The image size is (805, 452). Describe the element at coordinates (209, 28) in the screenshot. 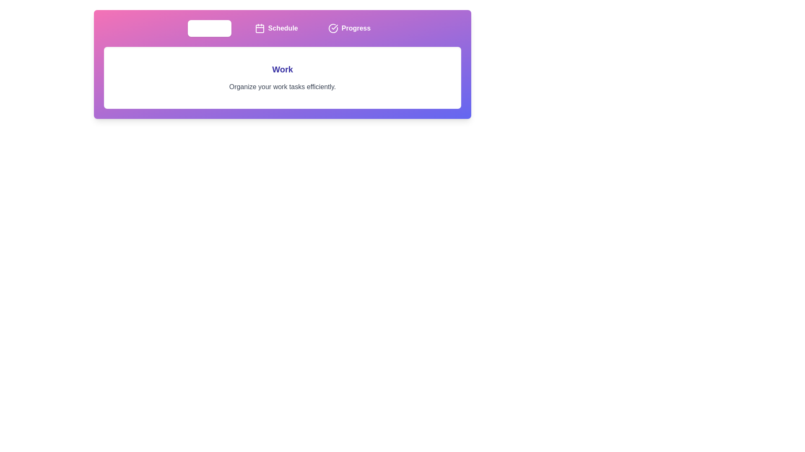

I see `the active tab to refresh its view` at that location.